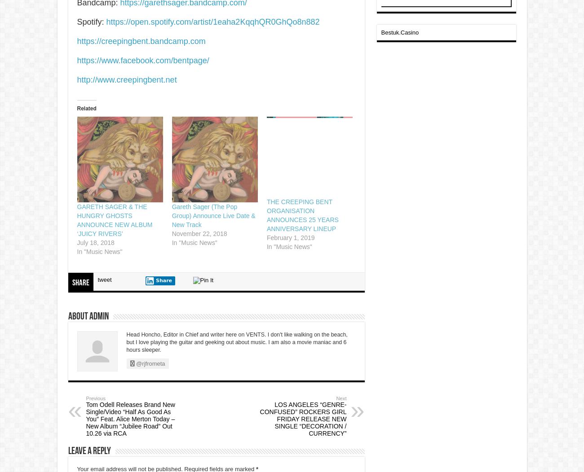  I want to click on 'https://www.facebook.com/bentpage/', so click(142, 60).